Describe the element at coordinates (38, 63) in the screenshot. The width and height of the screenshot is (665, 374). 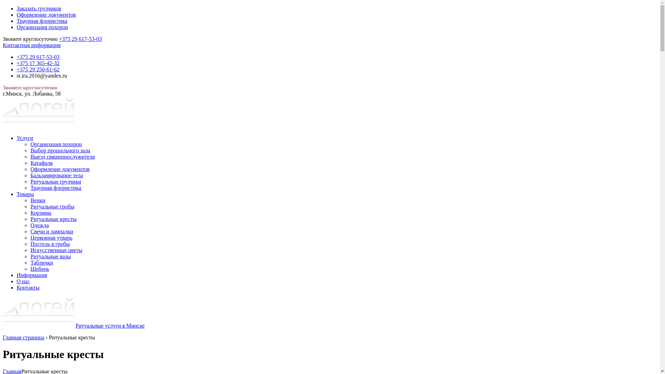
I see `'+375 17 365-42-32'` at that location.